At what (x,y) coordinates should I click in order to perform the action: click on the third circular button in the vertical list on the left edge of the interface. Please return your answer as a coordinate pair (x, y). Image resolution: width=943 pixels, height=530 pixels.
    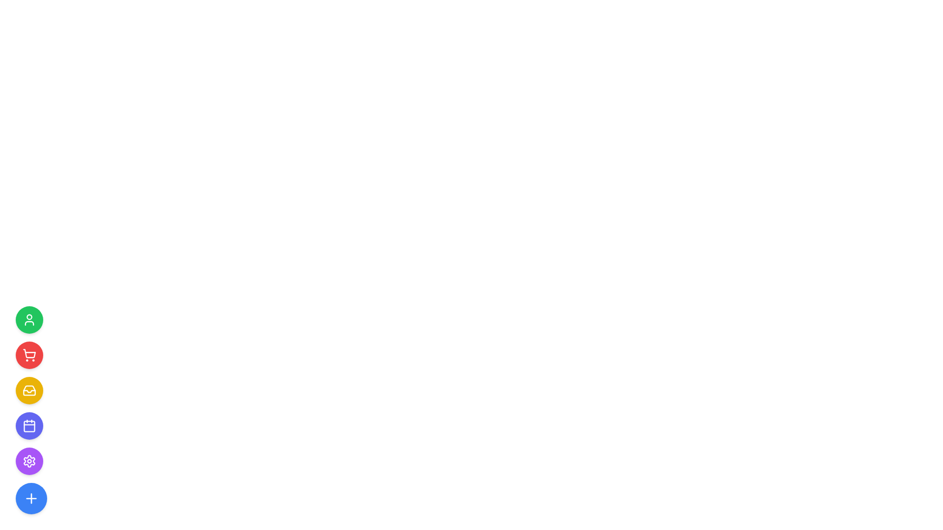
    Looking at the image, I should click on (29, 390).